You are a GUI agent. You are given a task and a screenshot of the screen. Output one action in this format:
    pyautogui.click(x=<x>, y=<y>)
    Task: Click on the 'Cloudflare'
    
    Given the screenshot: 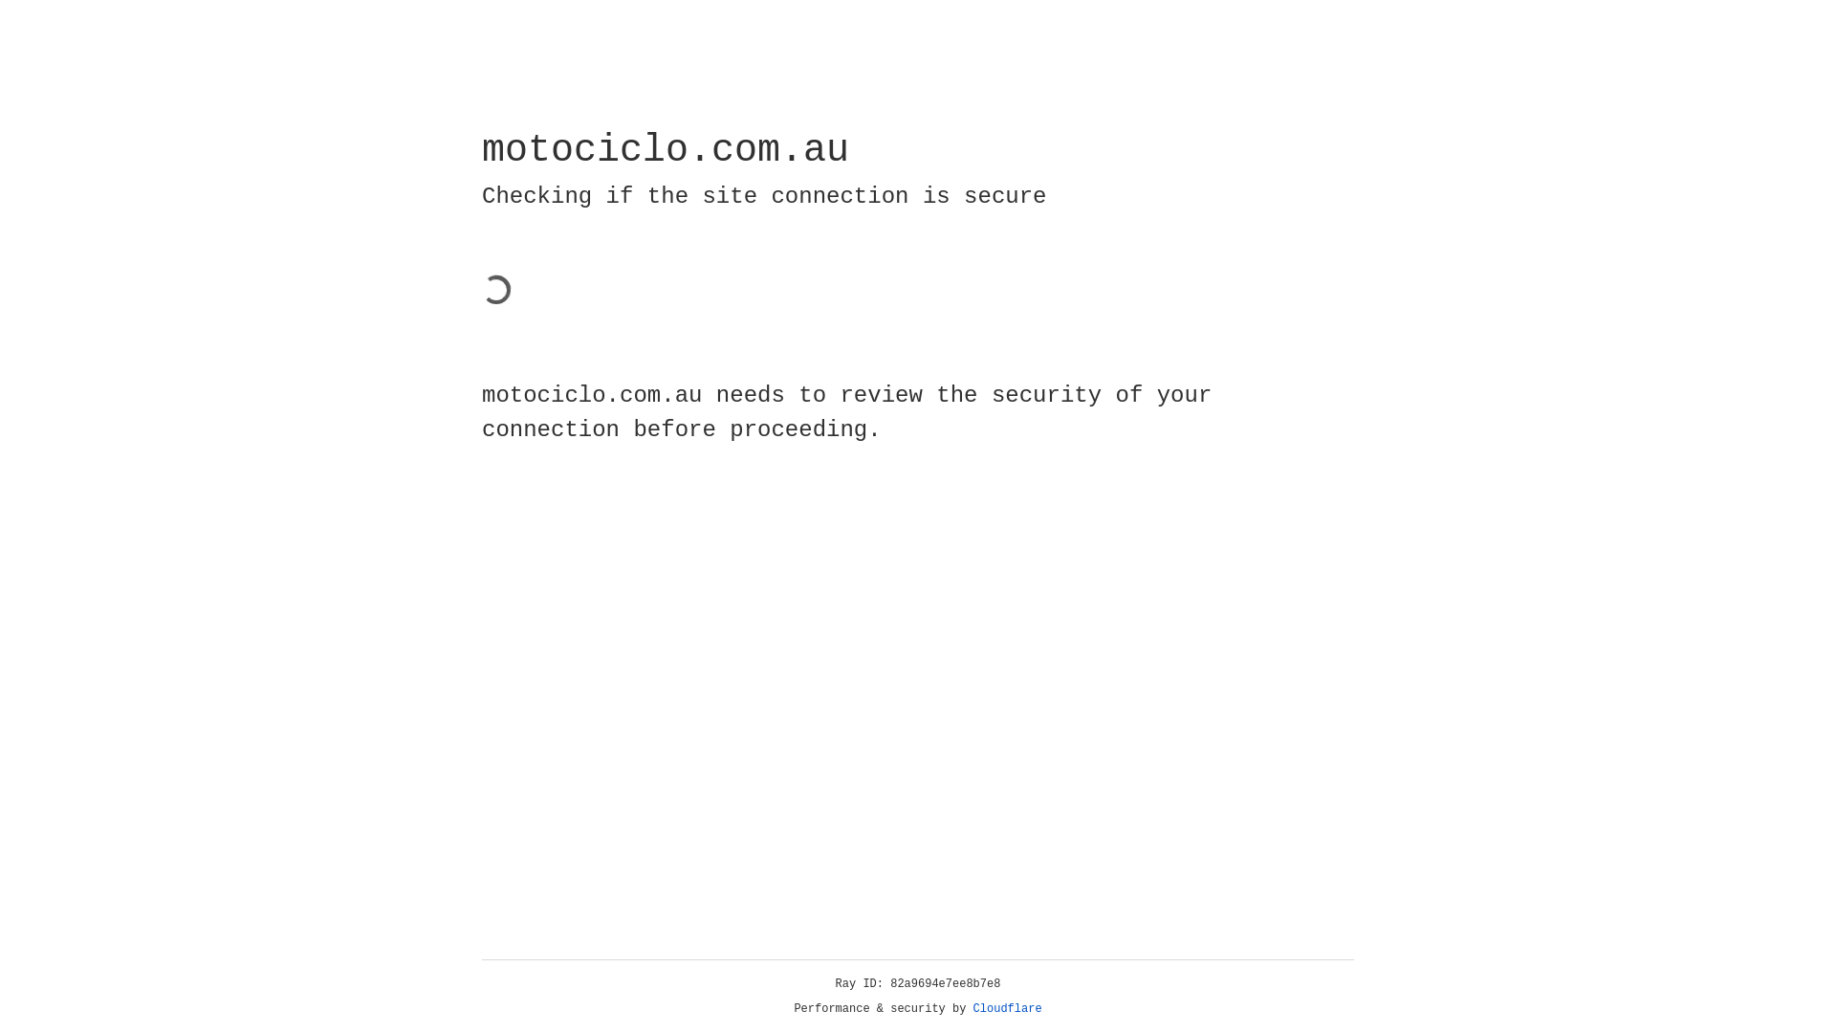 What is the action you would take?
    pyautogui.click(x=1007, y=1008)
    